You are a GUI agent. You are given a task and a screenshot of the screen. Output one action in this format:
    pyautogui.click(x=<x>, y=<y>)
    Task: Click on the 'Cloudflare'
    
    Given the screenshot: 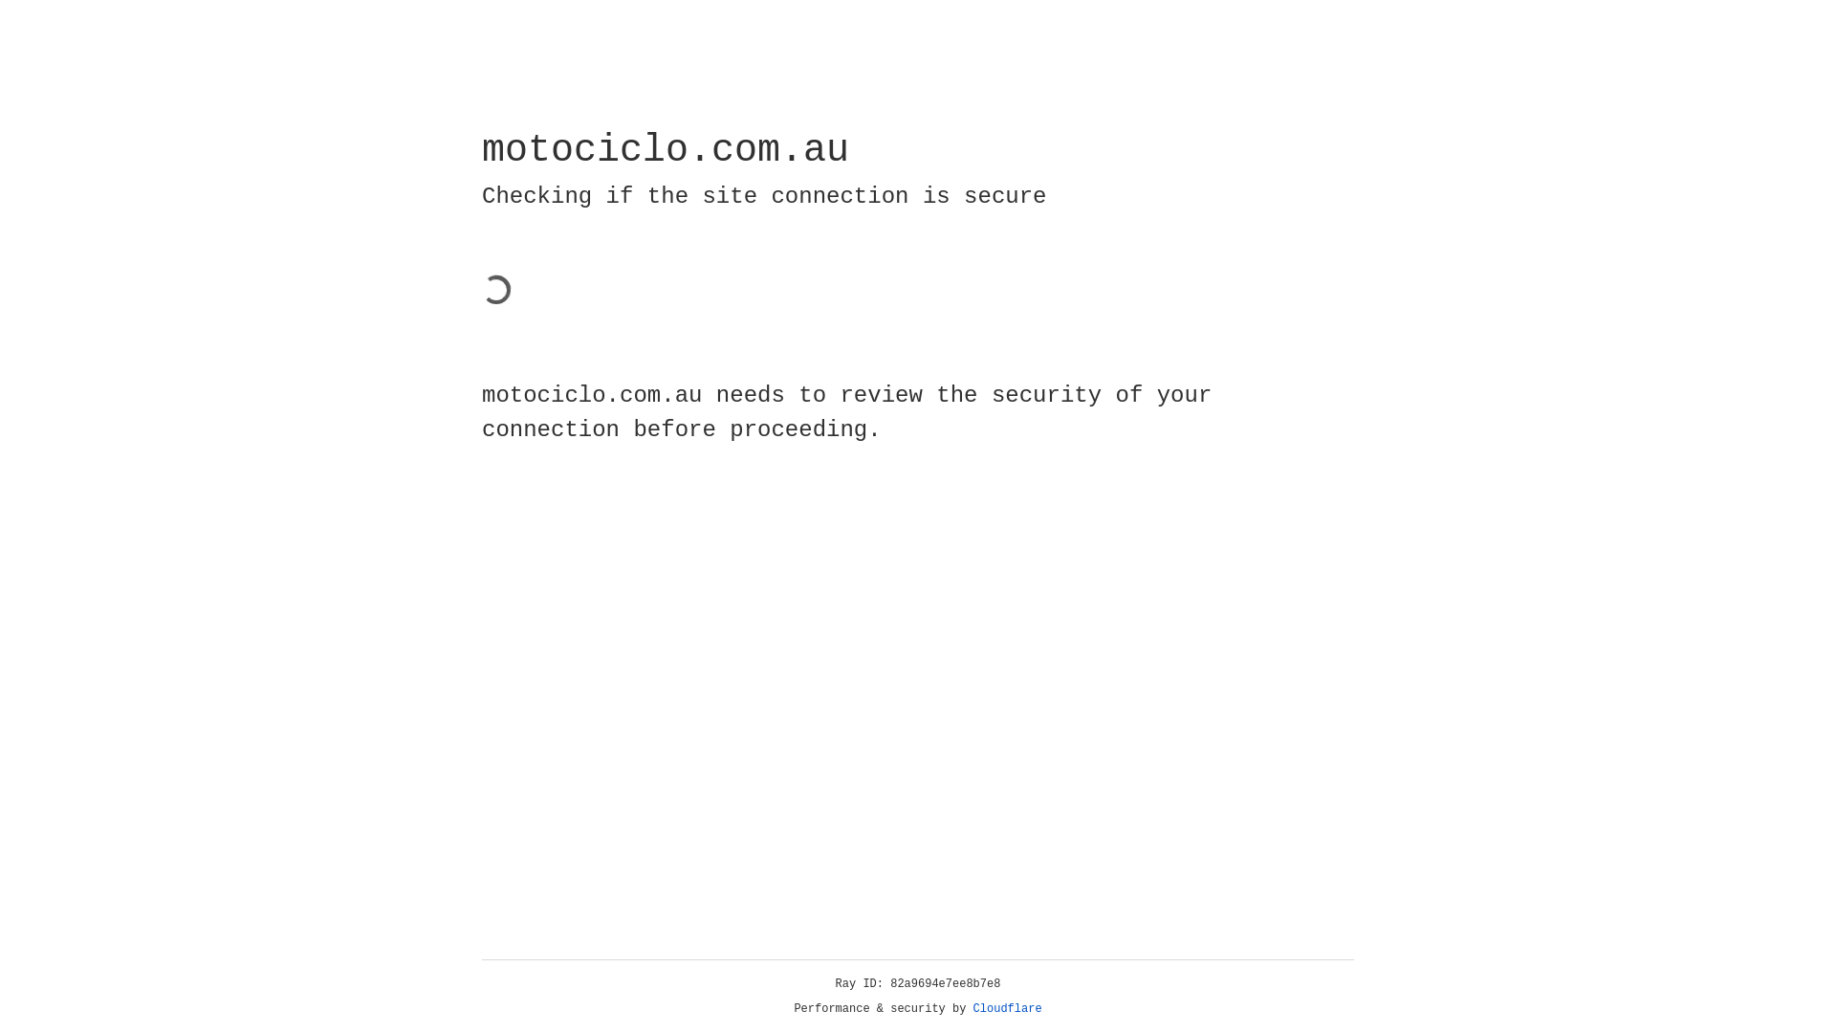 What is the action you would take?
    pyautogui.click(x=1007, y=1008)
    